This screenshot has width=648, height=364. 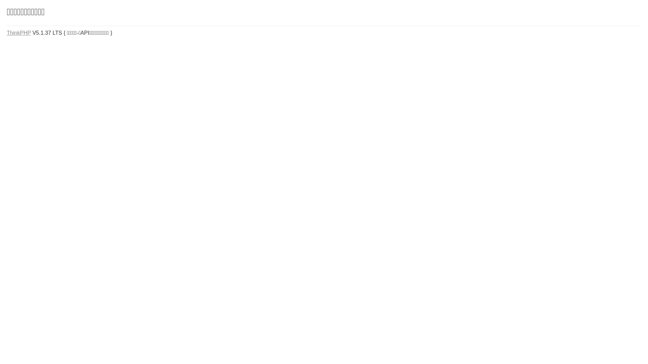 What do you see at coordinates (19, 33) in the screenshot?
I see `'ThinkPHP'` at bounding box center [19, 33].